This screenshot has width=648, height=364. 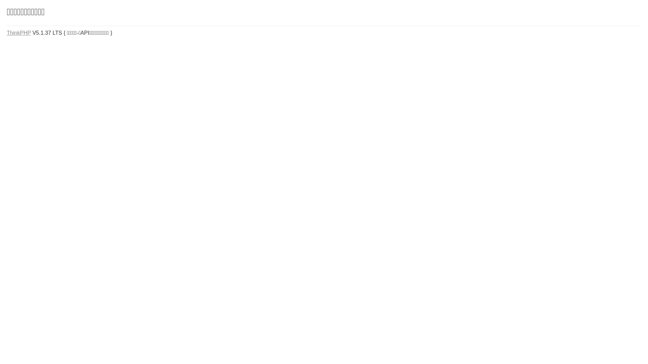 What do you see at coordinates (19, 33) in the screenshot?
I see `'ThinkPHP'` at bounding box center [19, 33].